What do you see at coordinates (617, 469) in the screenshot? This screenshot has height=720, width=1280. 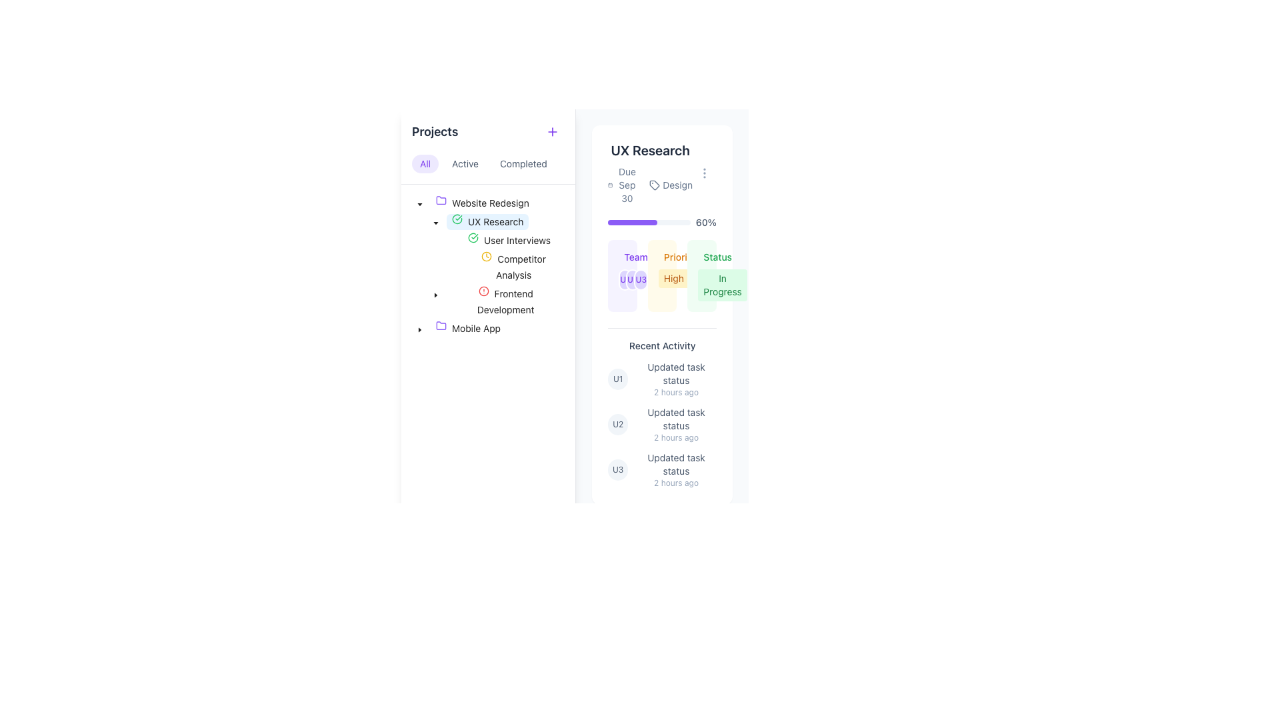 I see `the text label displaying 'U3', located at the top-left corner of the 'Team' section, which is styled with a compact font size` at bounding box center [617, 469].